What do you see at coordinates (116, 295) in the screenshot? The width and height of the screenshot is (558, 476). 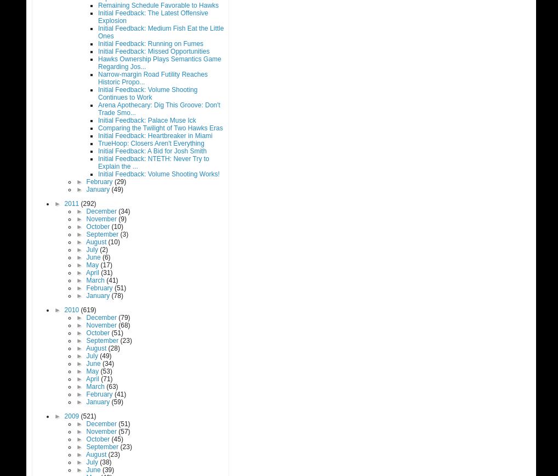 I see `'(78)'` at bounding box center [116, 295].